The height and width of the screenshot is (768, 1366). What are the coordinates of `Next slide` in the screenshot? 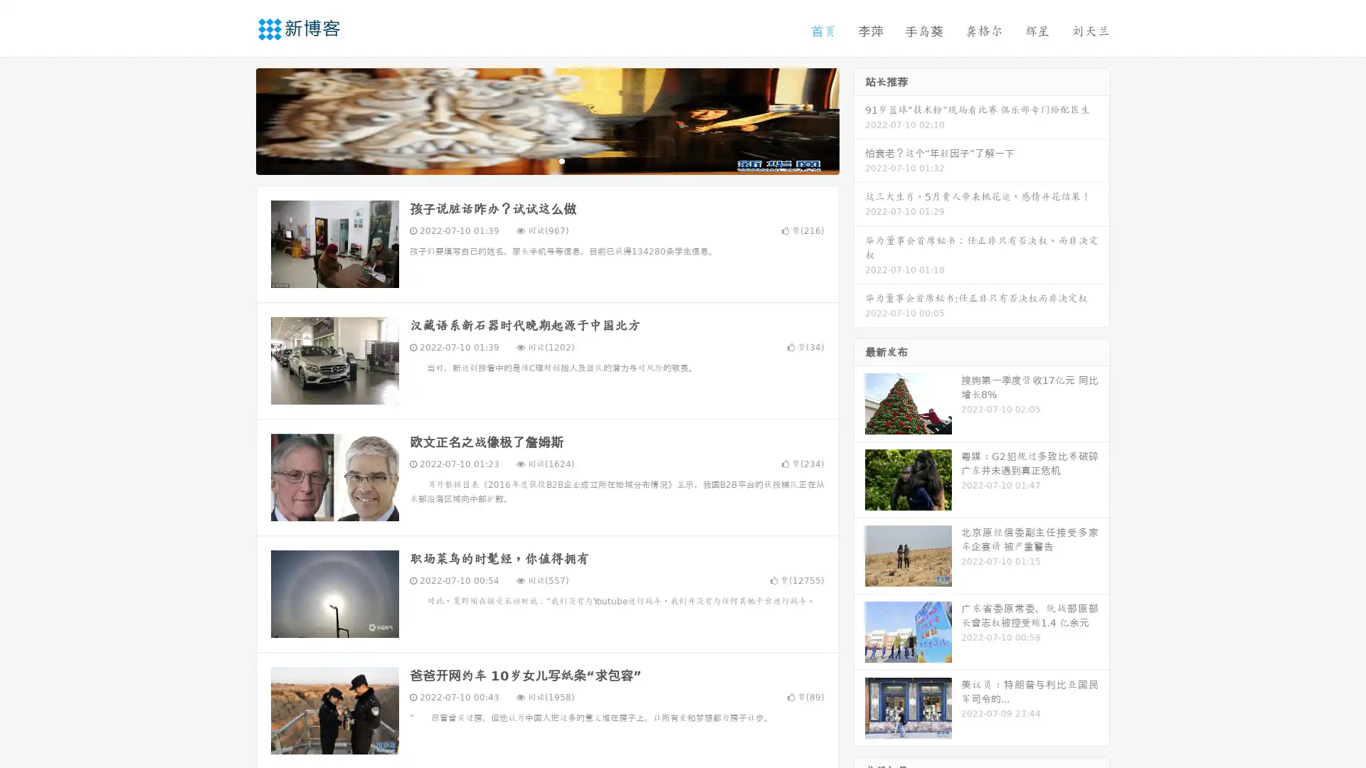 It's located at (859, 119).